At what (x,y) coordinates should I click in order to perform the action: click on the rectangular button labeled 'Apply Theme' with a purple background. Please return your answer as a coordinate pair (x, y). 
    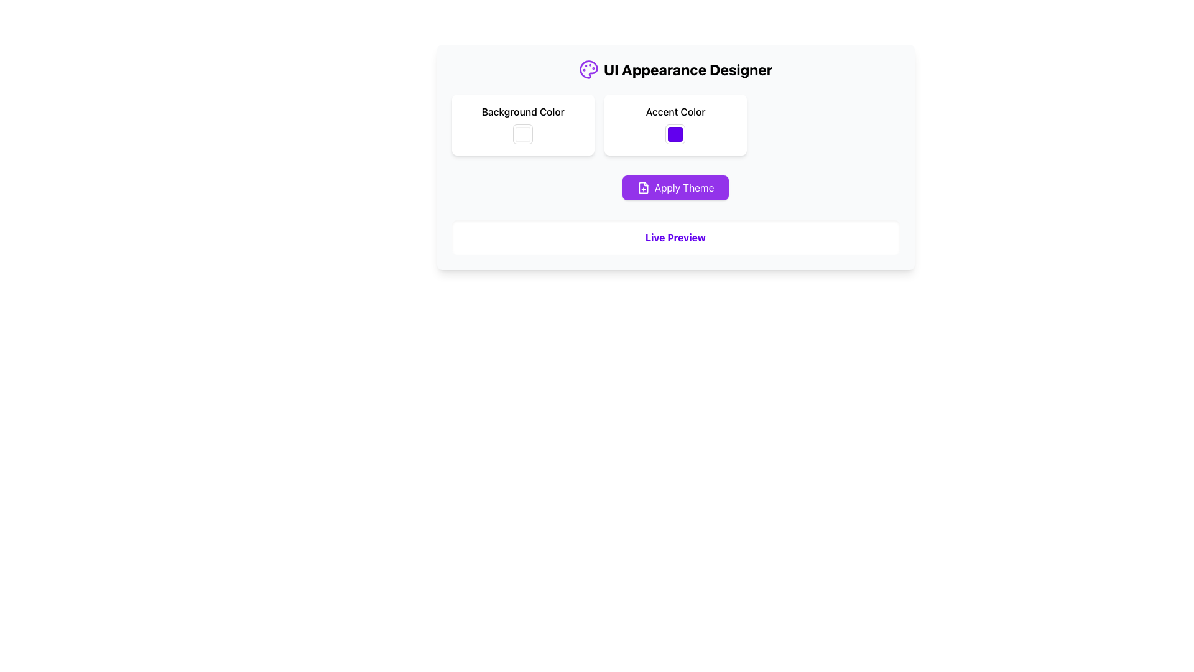
    Looking at the image, I should click on (675, 187).